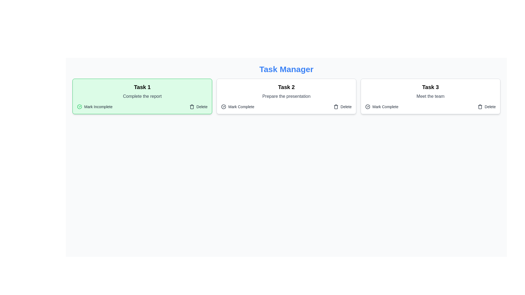 The image size is (525, 295). Describe the element at coordinates (490, 107) in the screenshot. I see `the interactive delete label located at the bottom-right corner of the 'Task 3' card, following the trash bin icon` at that location.